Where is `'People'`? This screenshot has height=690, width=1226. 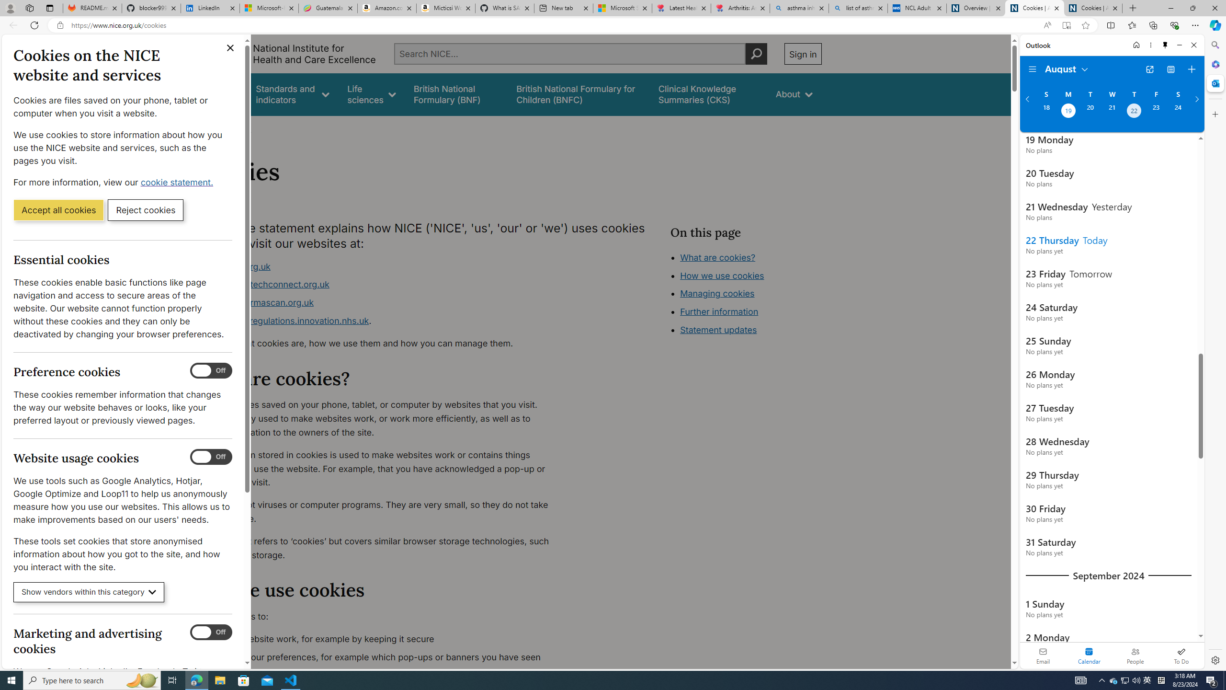
'People' is located at coordinates (1135, 655).